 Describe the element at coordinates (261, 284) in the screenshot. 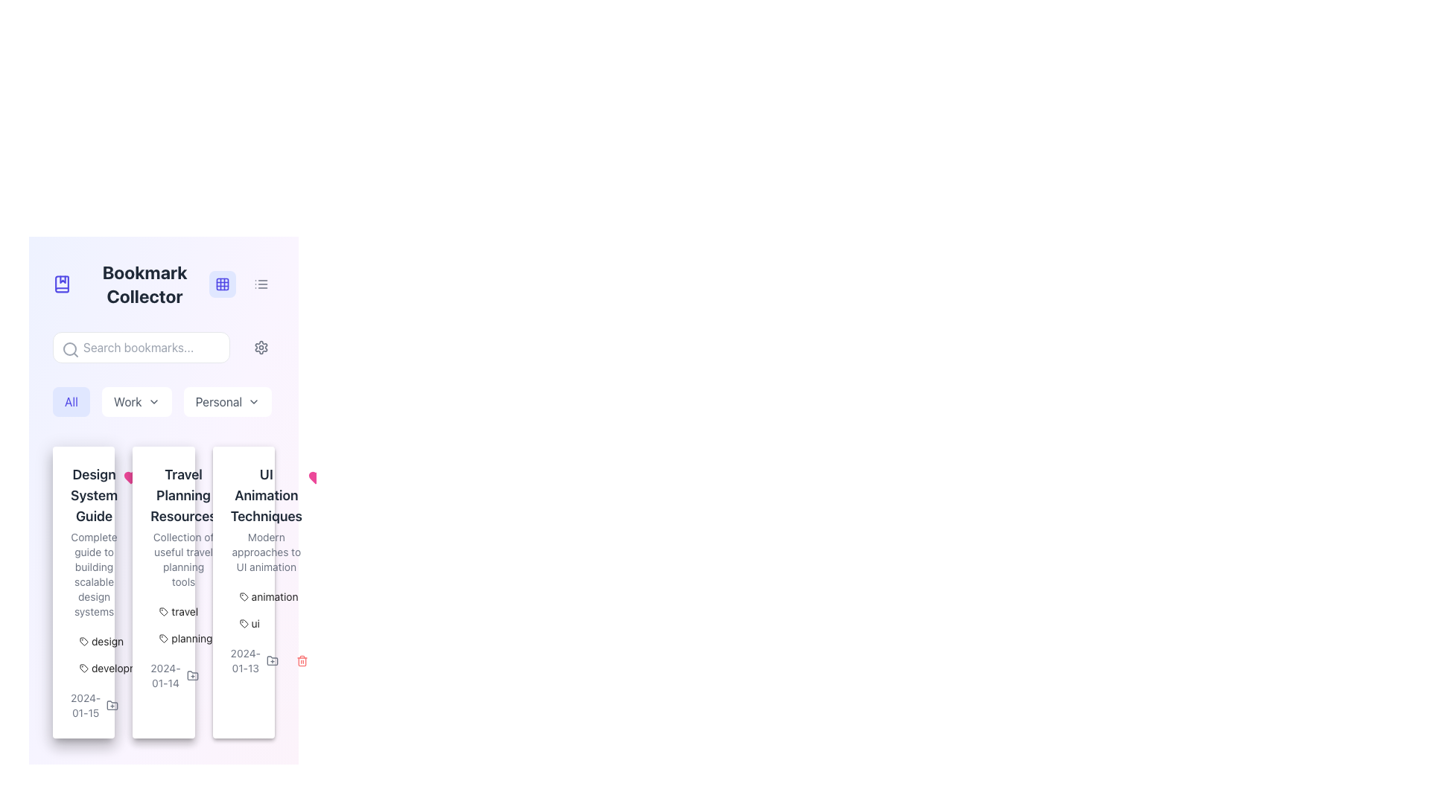

I see `the icon button in the top-right corner of the interface to switch the layout to a list view` at that location.